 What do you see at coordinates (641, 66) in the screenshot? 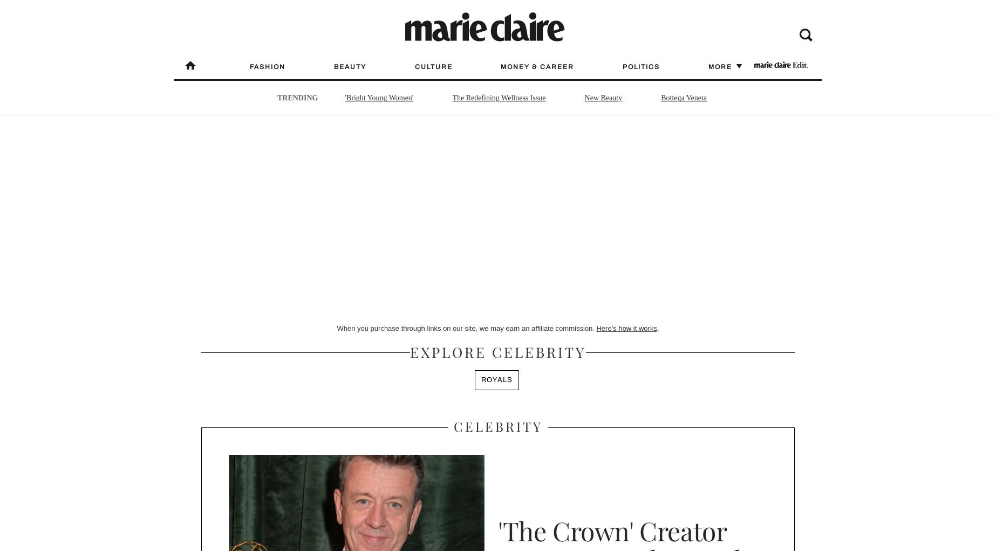
I see `'Politics'` at bounding box center [641, 66].